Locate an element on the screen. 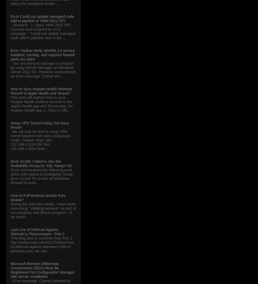  'This post will explore how to sync Huawei health workout records to the Apple Health app and Strava App. On Huawei Health App 1. Click on ME...' is located at coordinates (41, 104).